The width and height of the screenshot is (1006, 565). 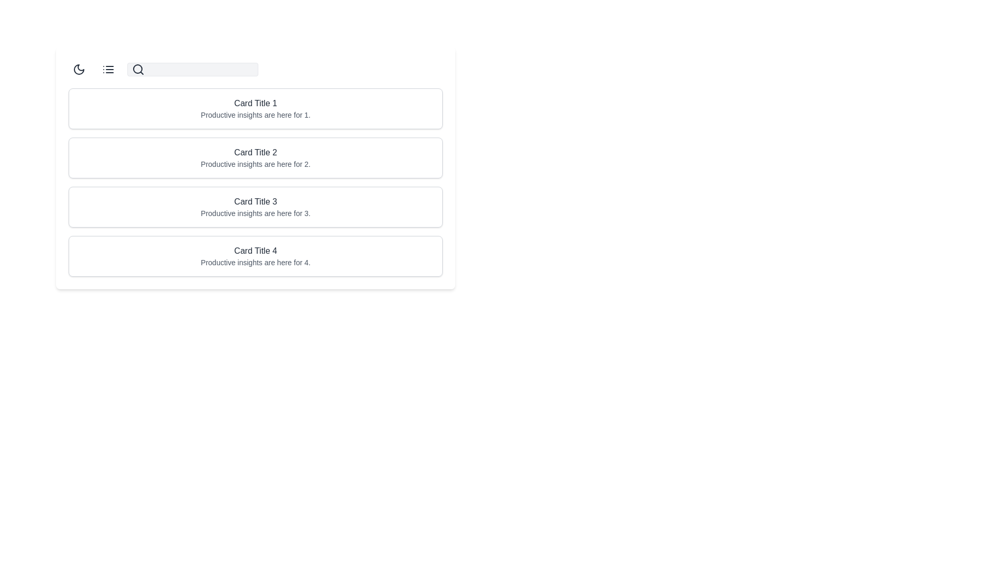 What do you see at coordinates (256, 157) in the screenshot?
I see `the card with the title 'Card Title 2', which is the second card in a vertically stacked list` at bounding box center [256, 157].